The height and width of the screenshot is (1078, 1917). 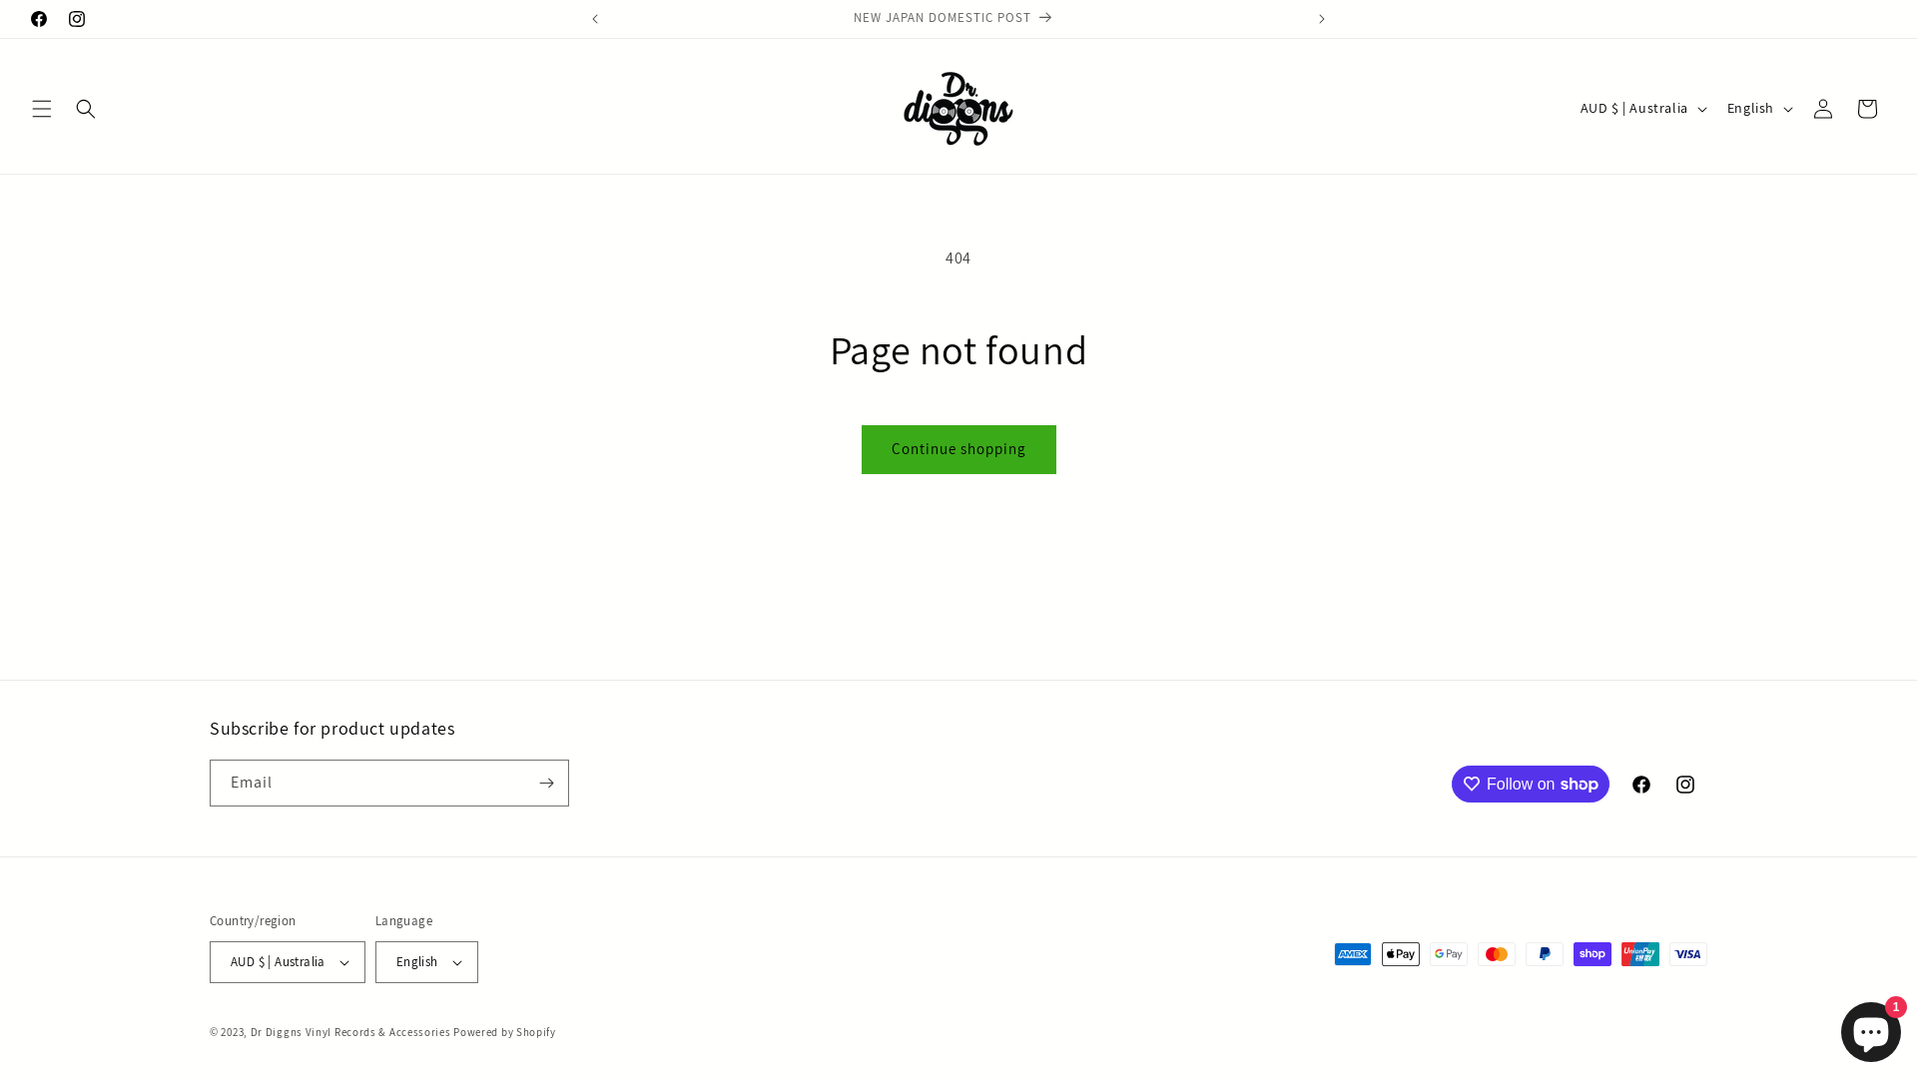 I want to click on 'Instagram', so click(x=1684, y=784).